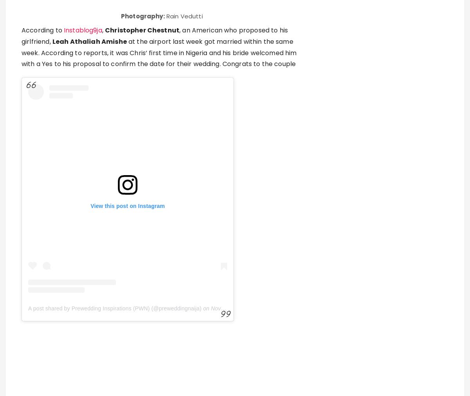 The image size is (470, 396). I want to click on 'The Shade Room', so click(48, 217).